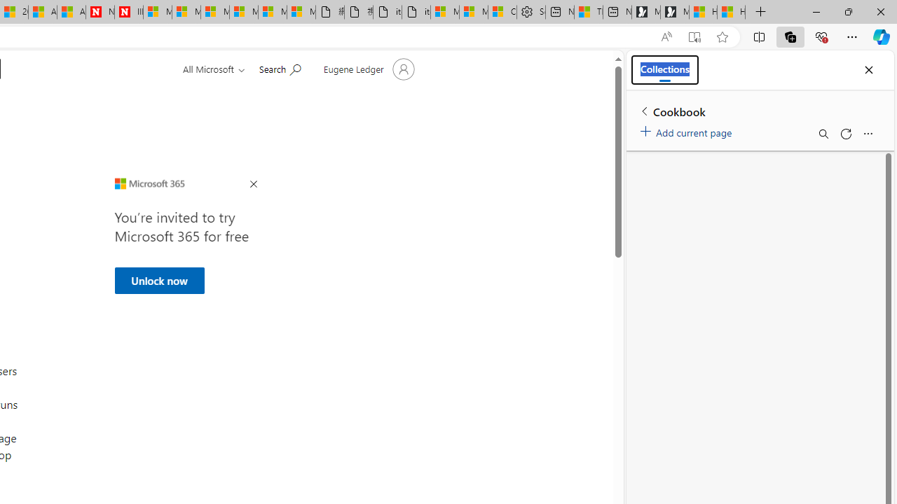 The image size is (897, 504). Describe the element at coordinates (128, 12) in the screenshot. I see `'Illness news & latest pictures from Newsweek.com'` at that location.